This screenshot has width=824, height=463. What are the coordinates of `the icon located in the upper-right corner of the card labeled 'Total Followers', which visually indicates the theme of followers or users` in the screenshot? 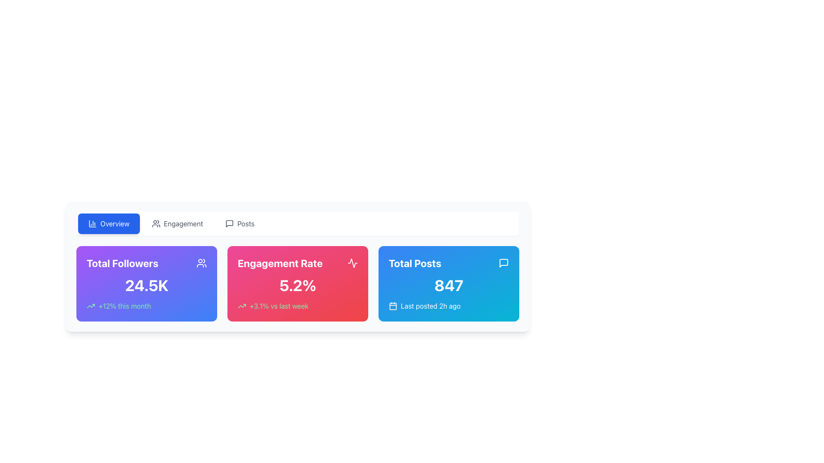 It's located at (201, 262).